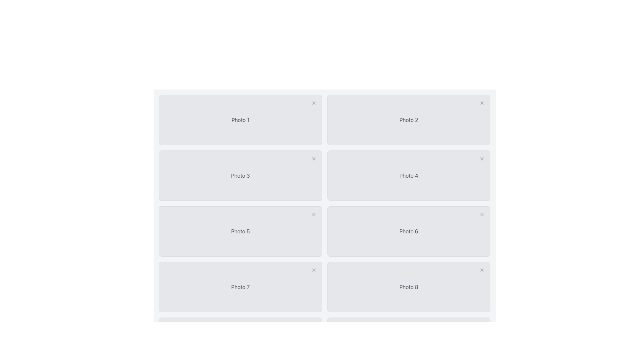 This screenshot has width=637, height=358. What do you see at coordinates (408, 120) in the screenshot?
I see `the 'Photo 2' tile, which is the second tile in a grid layout, to interact with it` at bounding box center [408, 120].